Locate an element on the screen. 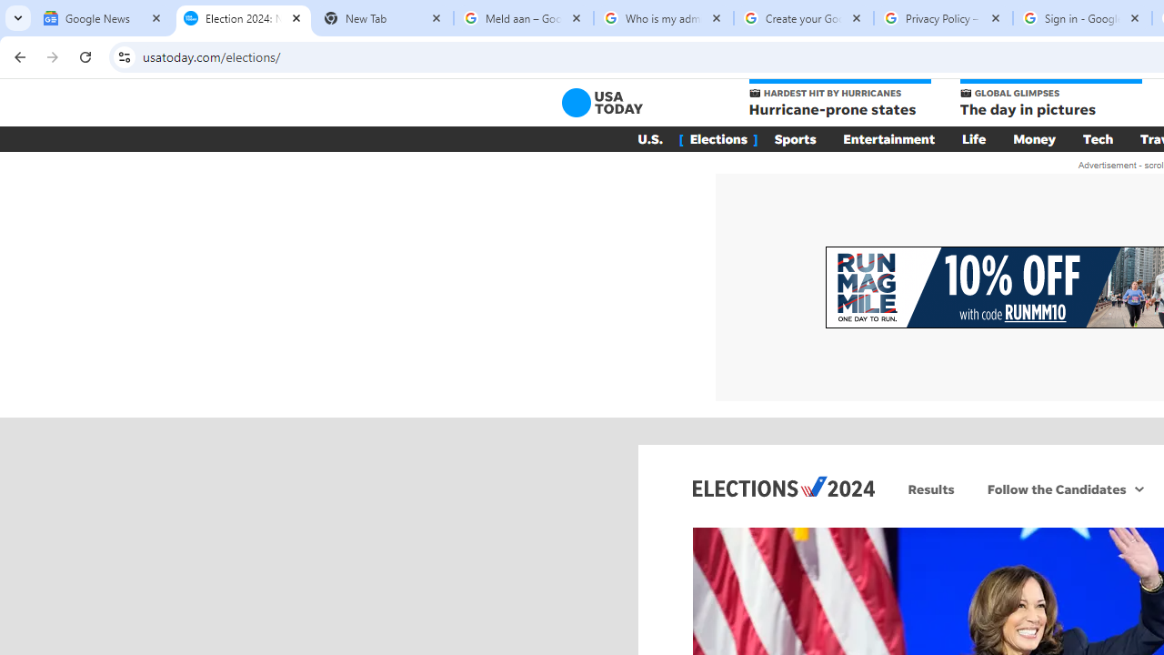 Image resolution: width=1164 pixels, height=655 pixels. 'Results' is located at coordinates (931, 488).